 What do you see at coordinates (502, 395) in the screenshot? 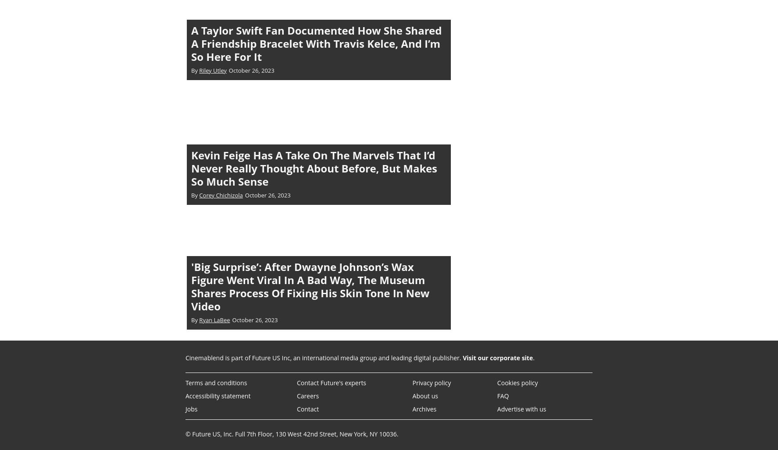
I see `'FAQ'` at bounding box center [502, 395].